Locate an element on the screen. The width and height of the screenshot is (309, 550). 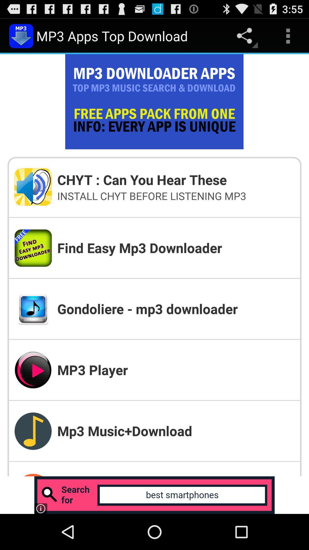
a link to an advertisement is located at coordinates (154, 495).